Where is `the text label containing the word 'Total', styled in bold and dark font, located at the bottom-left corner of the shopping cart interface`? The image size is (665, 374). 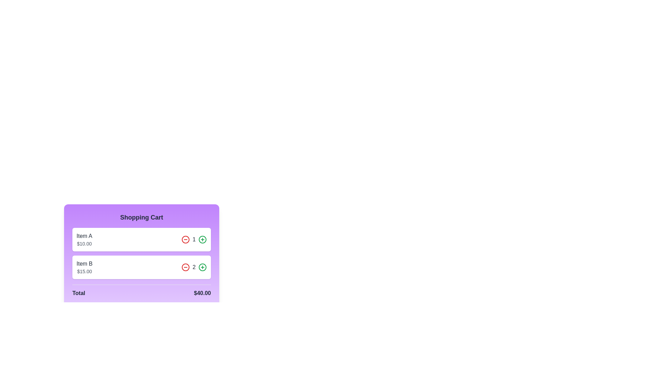
the text label containing the word 'Total', styled in bold and dark font, located at the bottom-left corner of the shopping cart interface is located at coordinates (79, 293).